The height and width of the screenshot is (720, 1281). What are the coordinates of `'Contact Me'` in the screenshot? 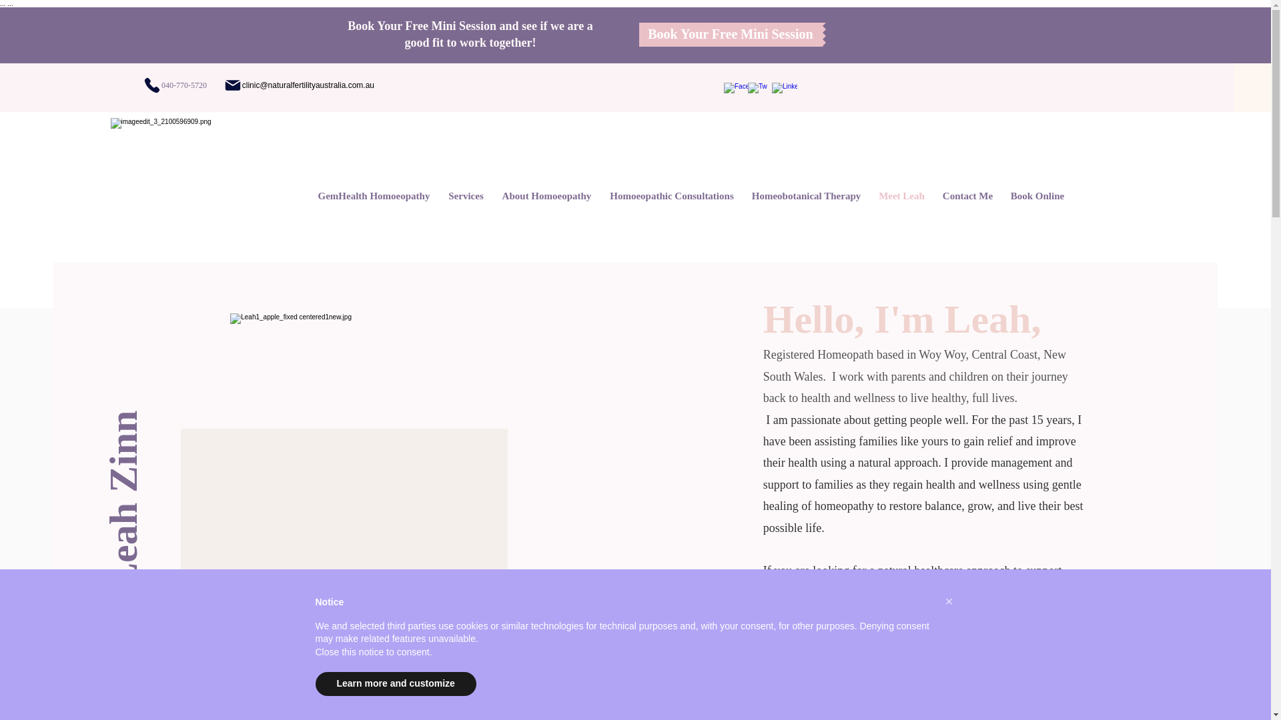 It's located at (967, 195).